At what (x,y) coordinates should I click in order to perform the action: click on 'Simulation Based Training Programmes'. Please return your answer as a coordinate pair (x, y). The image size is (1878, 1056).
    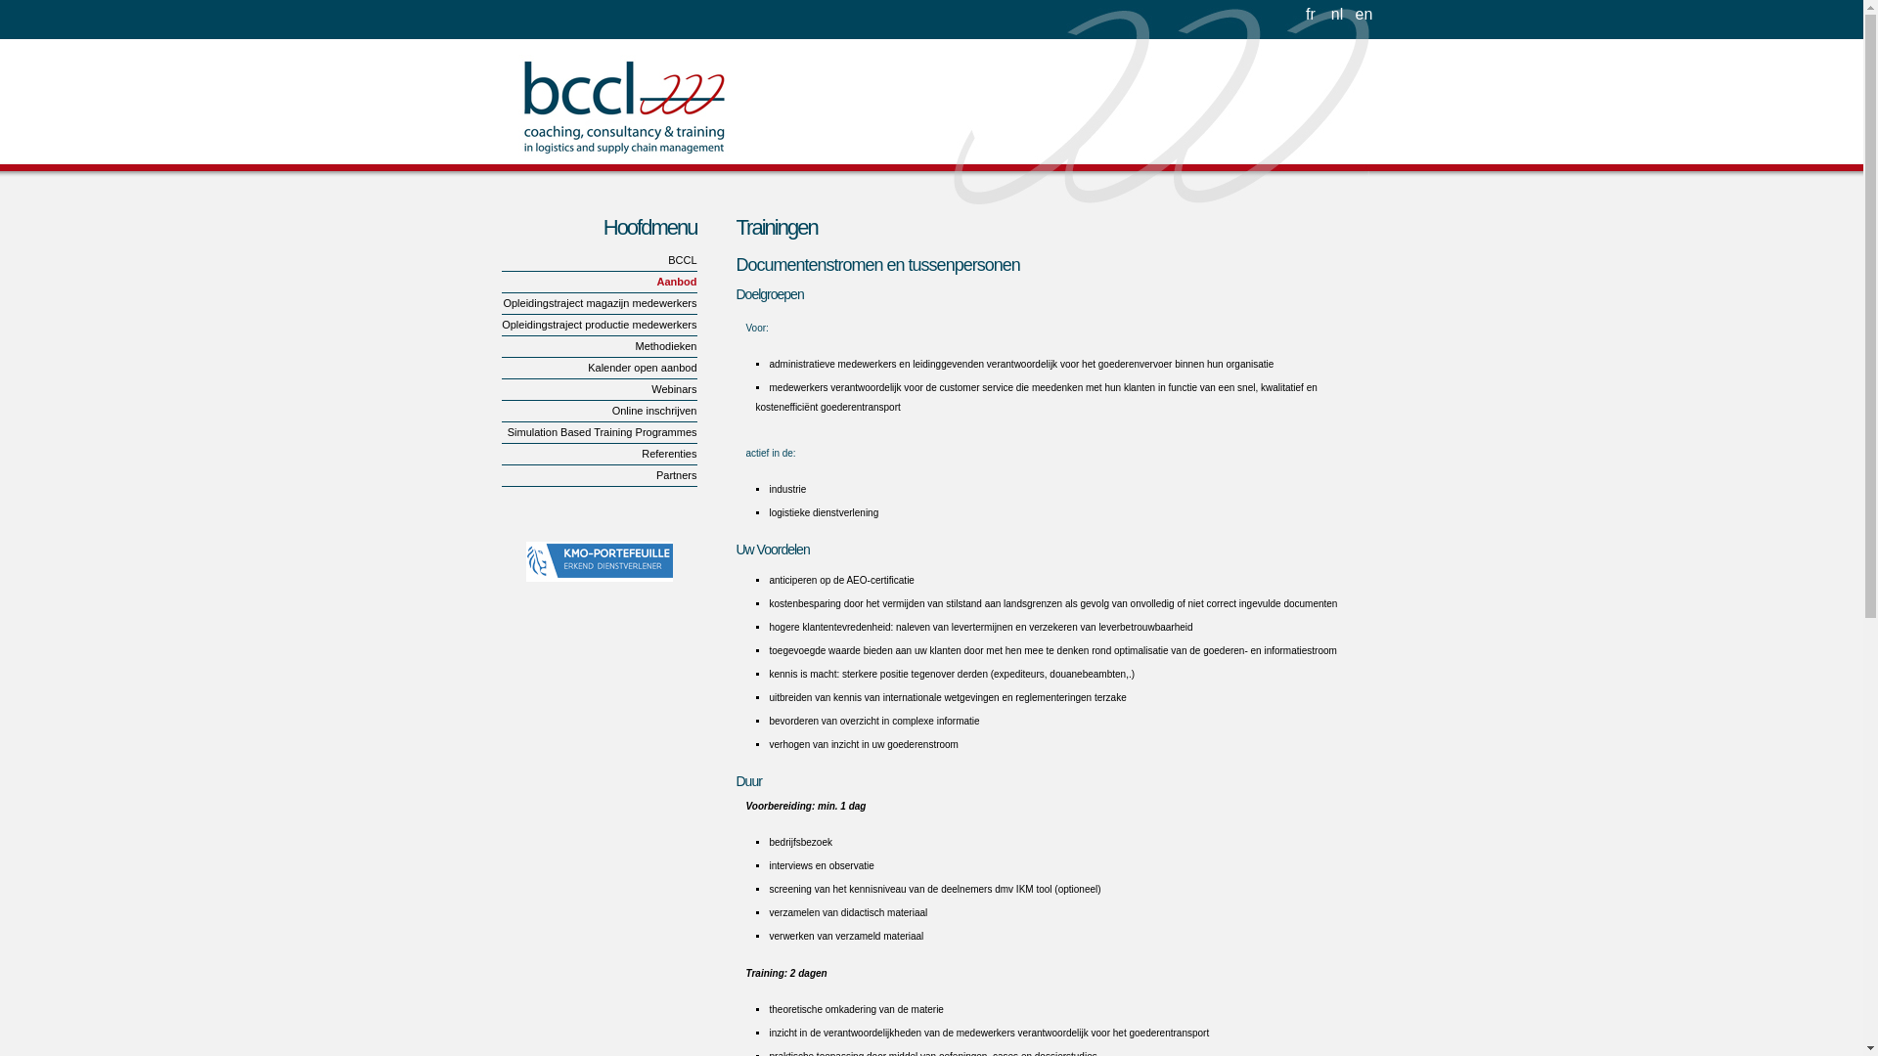
    Looking at the image, I should click on (501, 432).